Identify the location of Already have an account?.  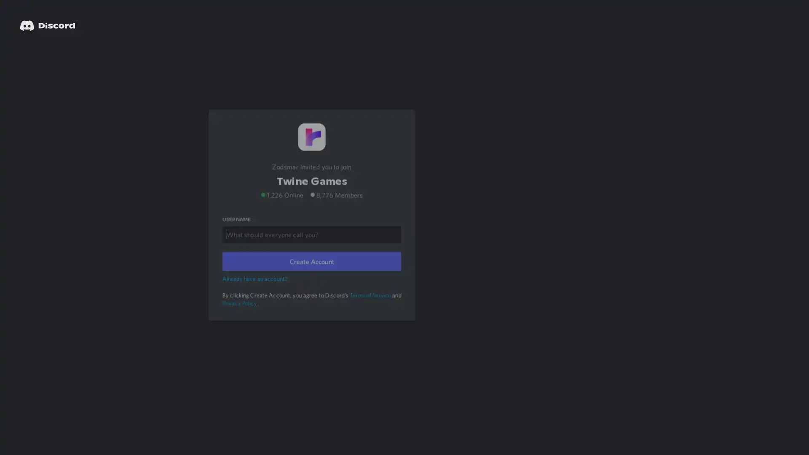
(256, 289).